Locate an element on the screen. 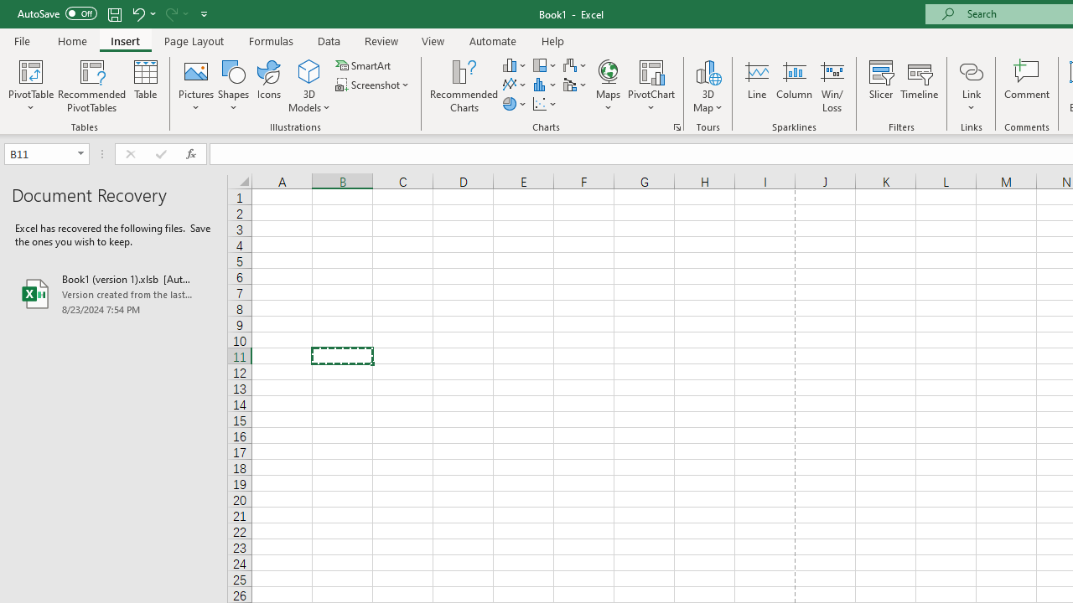  '3D Models' is located at coordinates (309, 86).